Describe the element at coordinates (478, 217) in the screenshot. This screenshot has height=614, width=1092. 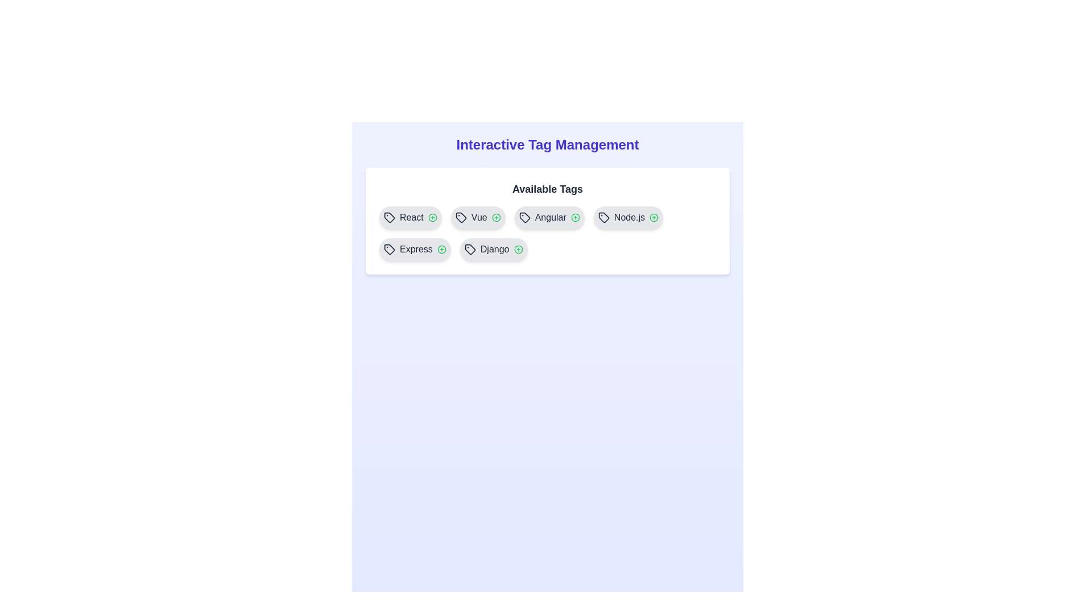
I see `the button styled as a rounded rectangle with a soft gray background, containing the text 'Vue' and icons` at that location.